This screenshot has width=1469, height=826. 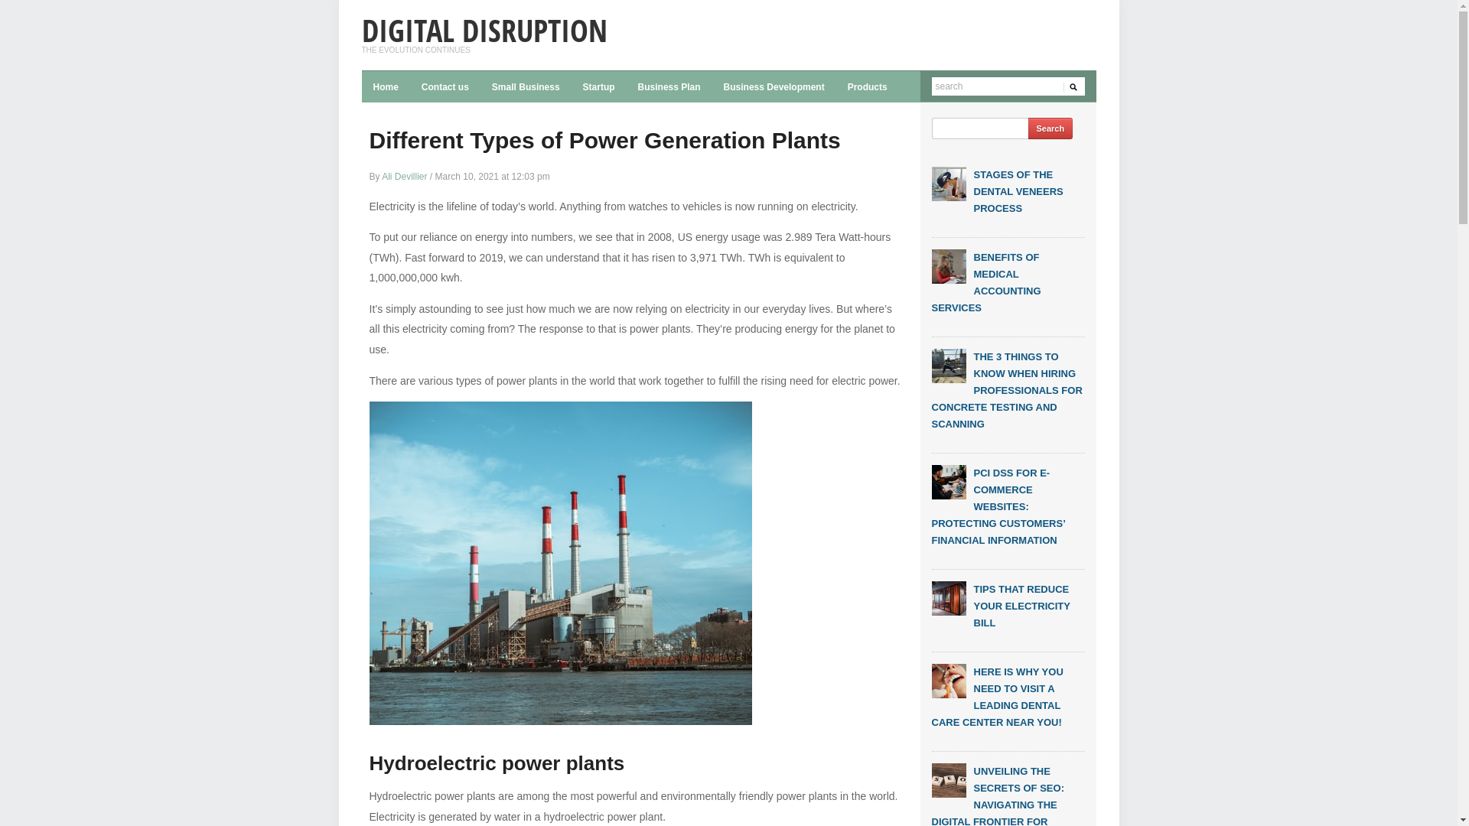 I want to click on 'BENEFITS OF MEDICAL ACCOUNTING SERVICES', so click(x=986, y=282).